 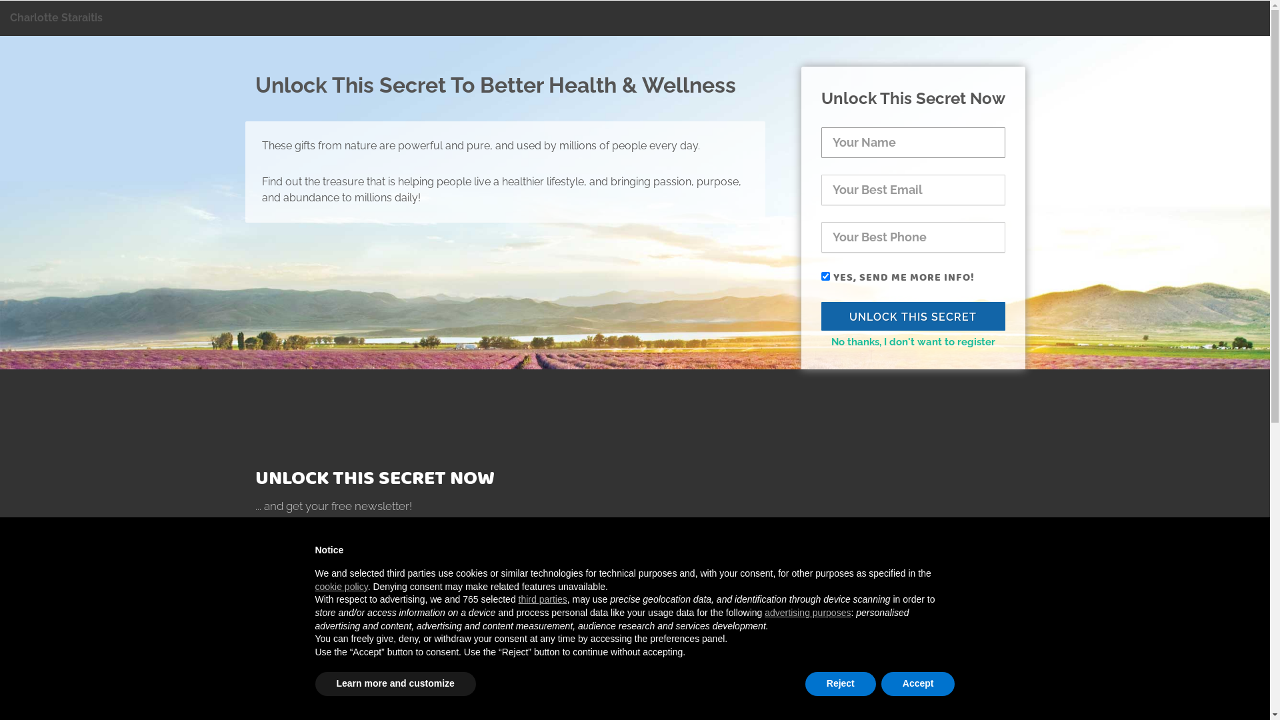 I want to click on 'Reject', so click(x=840, y=684).